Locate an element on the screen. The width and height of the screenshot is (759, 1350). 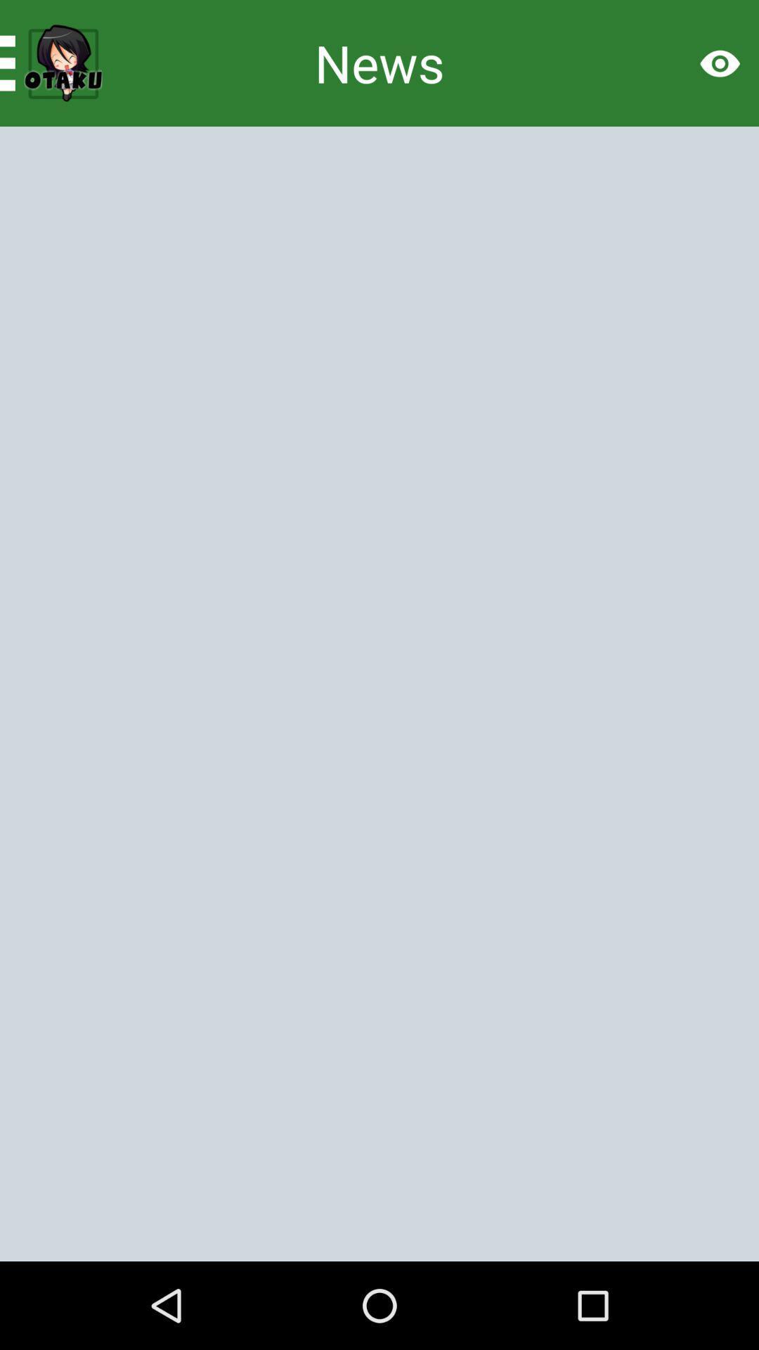
the visibility icon is located at coordinates (720, 63).